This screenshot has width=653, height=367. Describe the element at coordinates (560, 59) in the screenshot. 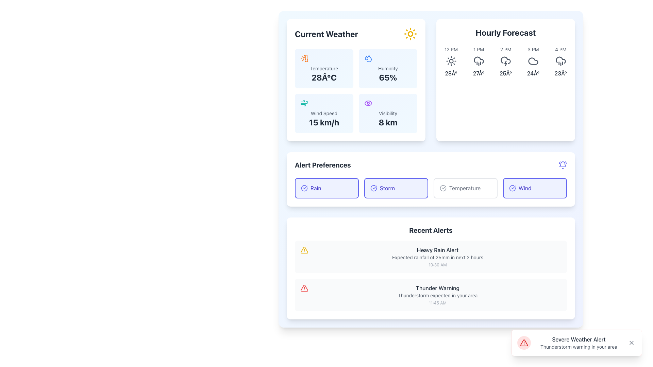

I see `the graphical vector illustration of the rain weather condition icon located in the 'Hourly Forecast' section at 4 PM, which is adjacent to the '23°' text` at that location.